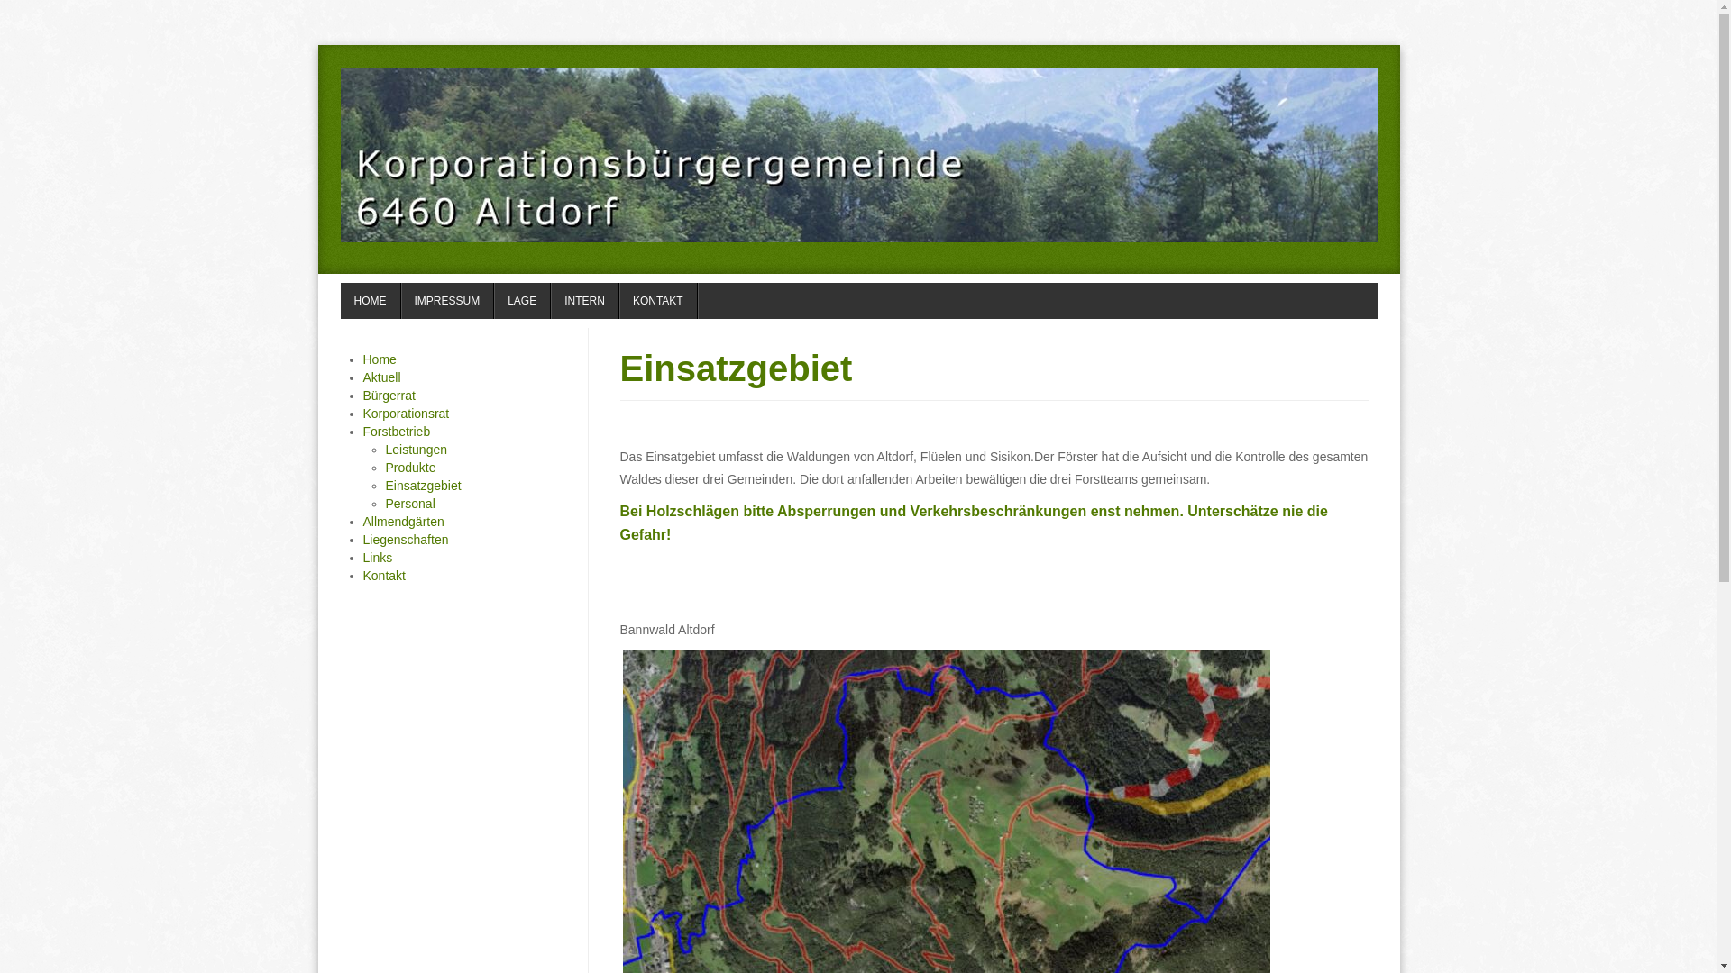 The image size is (1731, 973). What do you see at coordinates (619, 367) in the screenshot?
I see `'Einsatzgebiet'` at bounding box center [619, 367].